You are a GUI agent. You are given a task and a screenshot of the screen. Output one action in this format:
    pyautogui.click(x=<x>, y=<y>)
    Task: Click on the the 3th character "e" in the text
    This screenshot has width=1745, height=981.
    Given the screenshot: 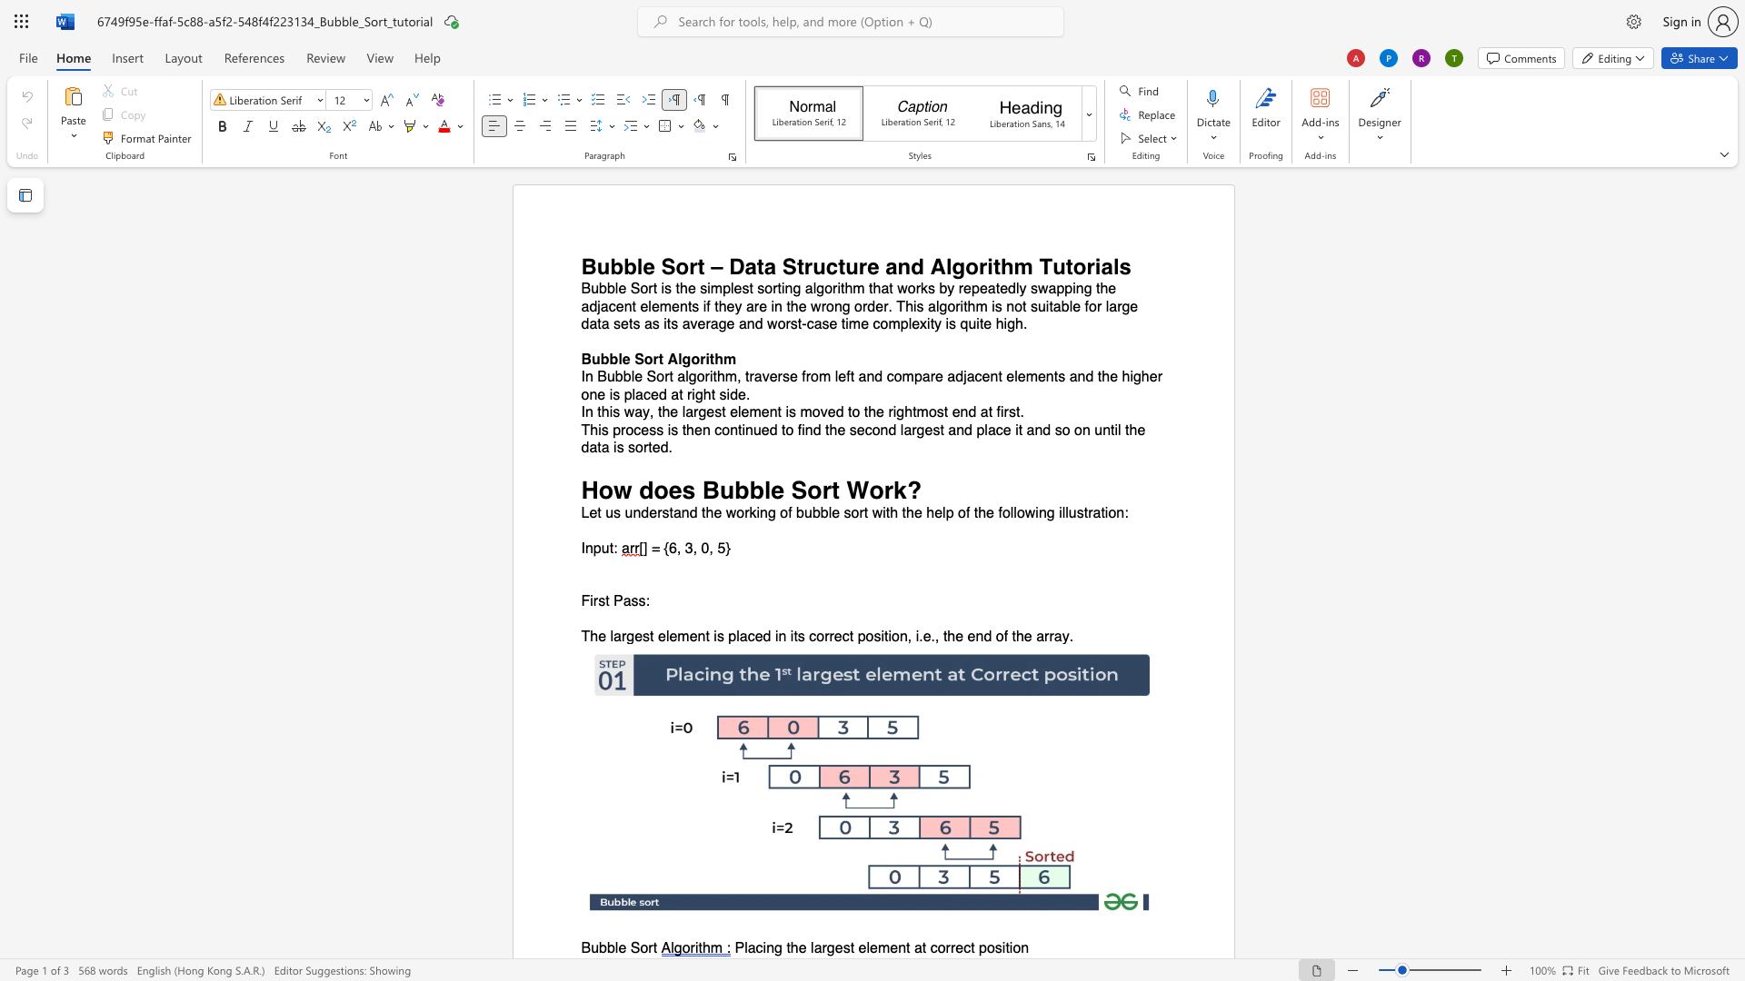 What is the action you would take?
    pyautogui.click(x=862, y=947)
    